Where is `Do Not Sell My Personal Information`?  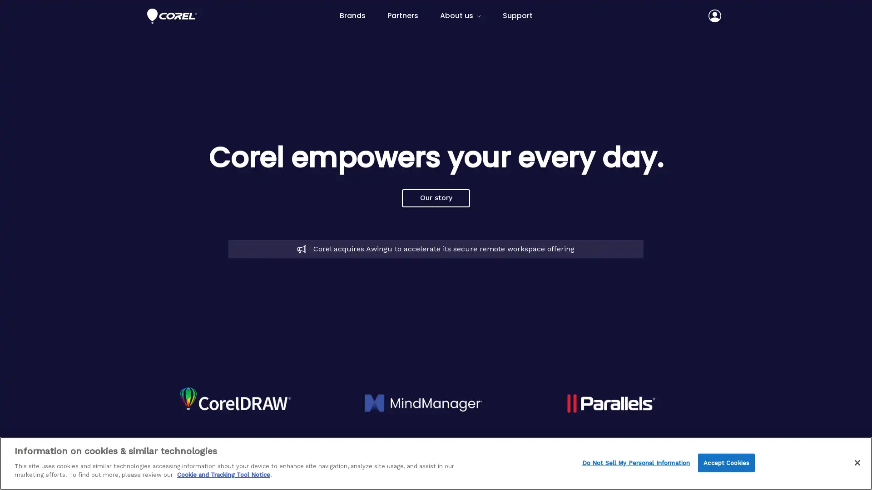 Do Not Sell My Personal Information is located at coordinates (635, 462).